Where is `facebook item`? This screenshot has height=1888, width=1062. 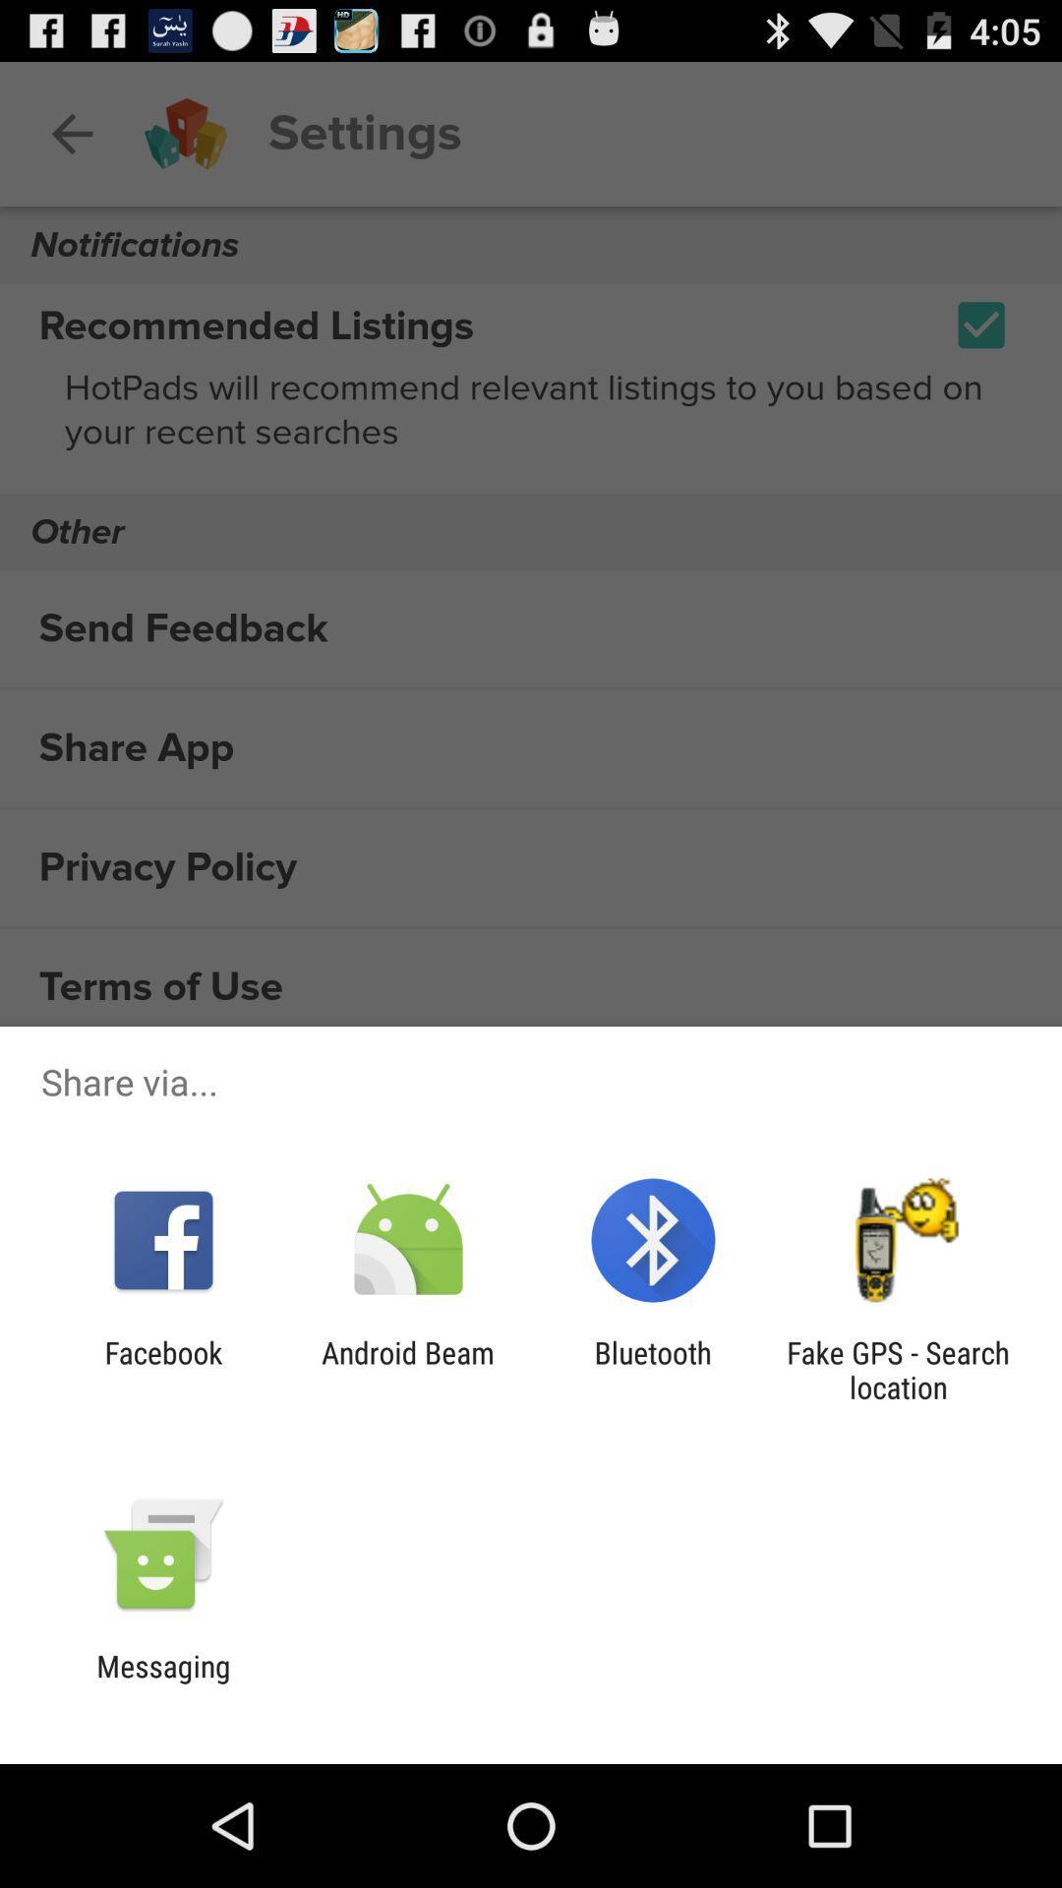 facebook item is located at coordinates (162, 1369).